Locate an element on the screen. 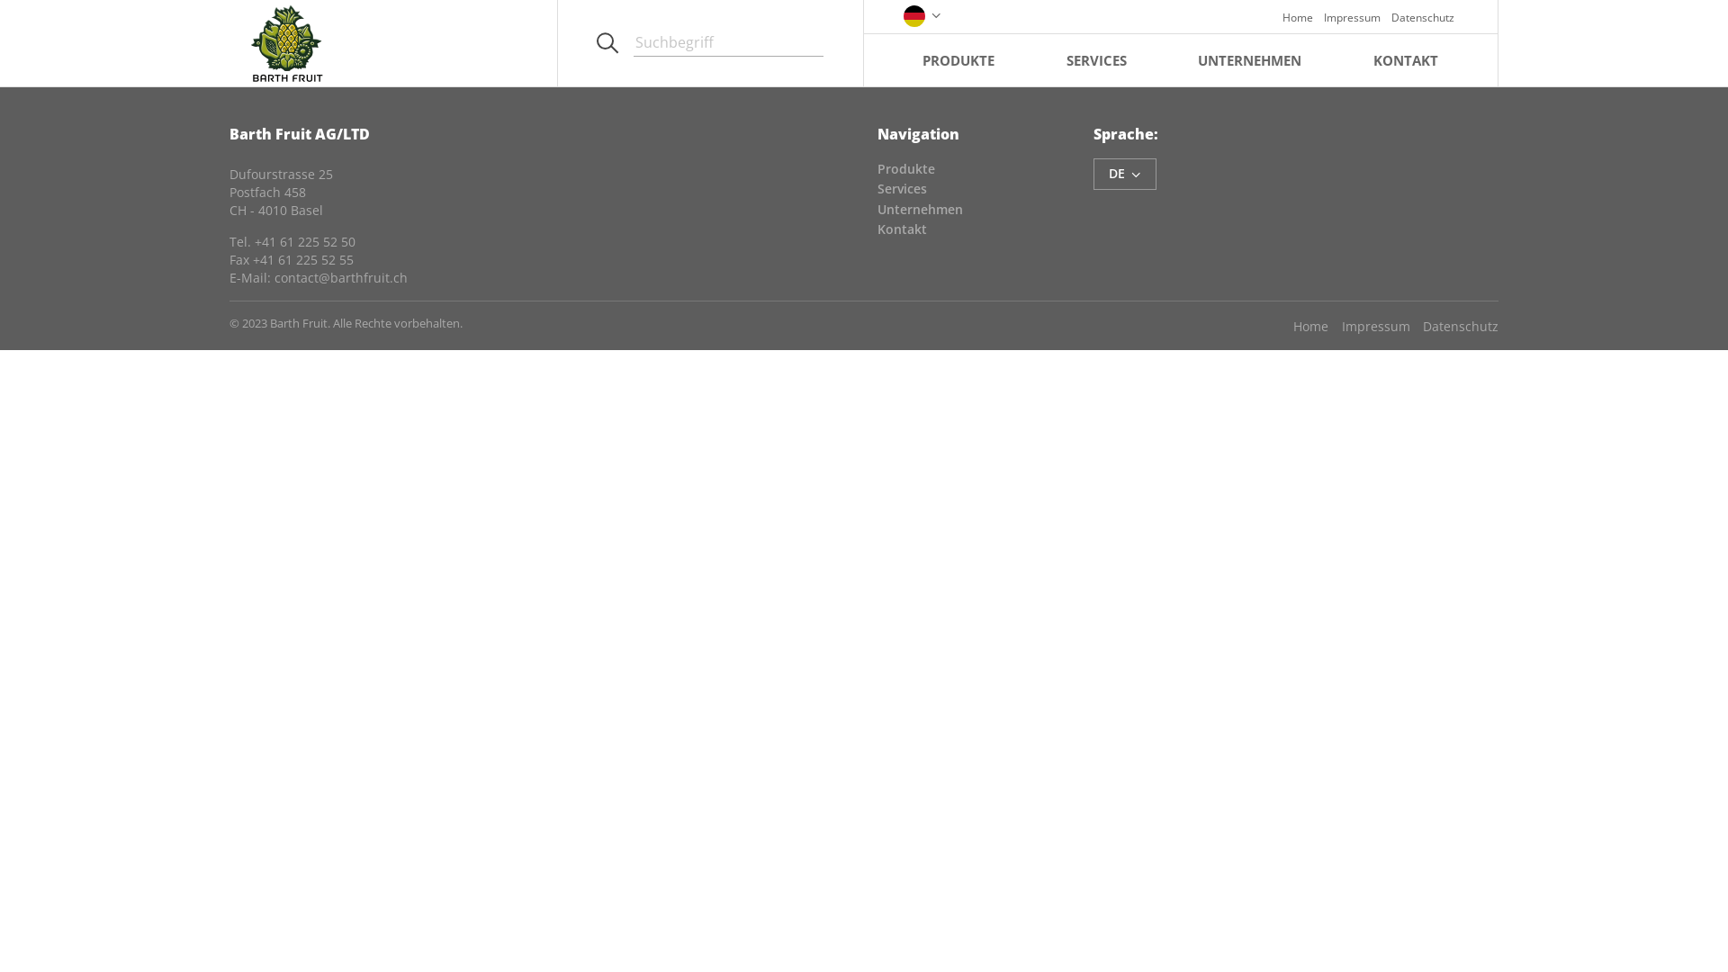 Image resolution: width=1728 pixels, height=972 pixels. 'Services' is located at coordinates (877, 188).